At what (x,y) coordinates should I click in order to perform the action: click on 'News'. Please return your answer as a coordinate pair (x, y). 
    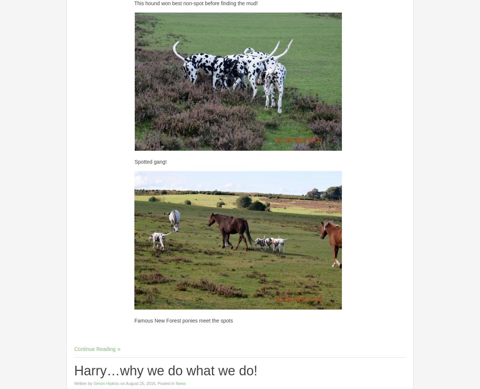
    Looking at the image, I should click on (181, 382).